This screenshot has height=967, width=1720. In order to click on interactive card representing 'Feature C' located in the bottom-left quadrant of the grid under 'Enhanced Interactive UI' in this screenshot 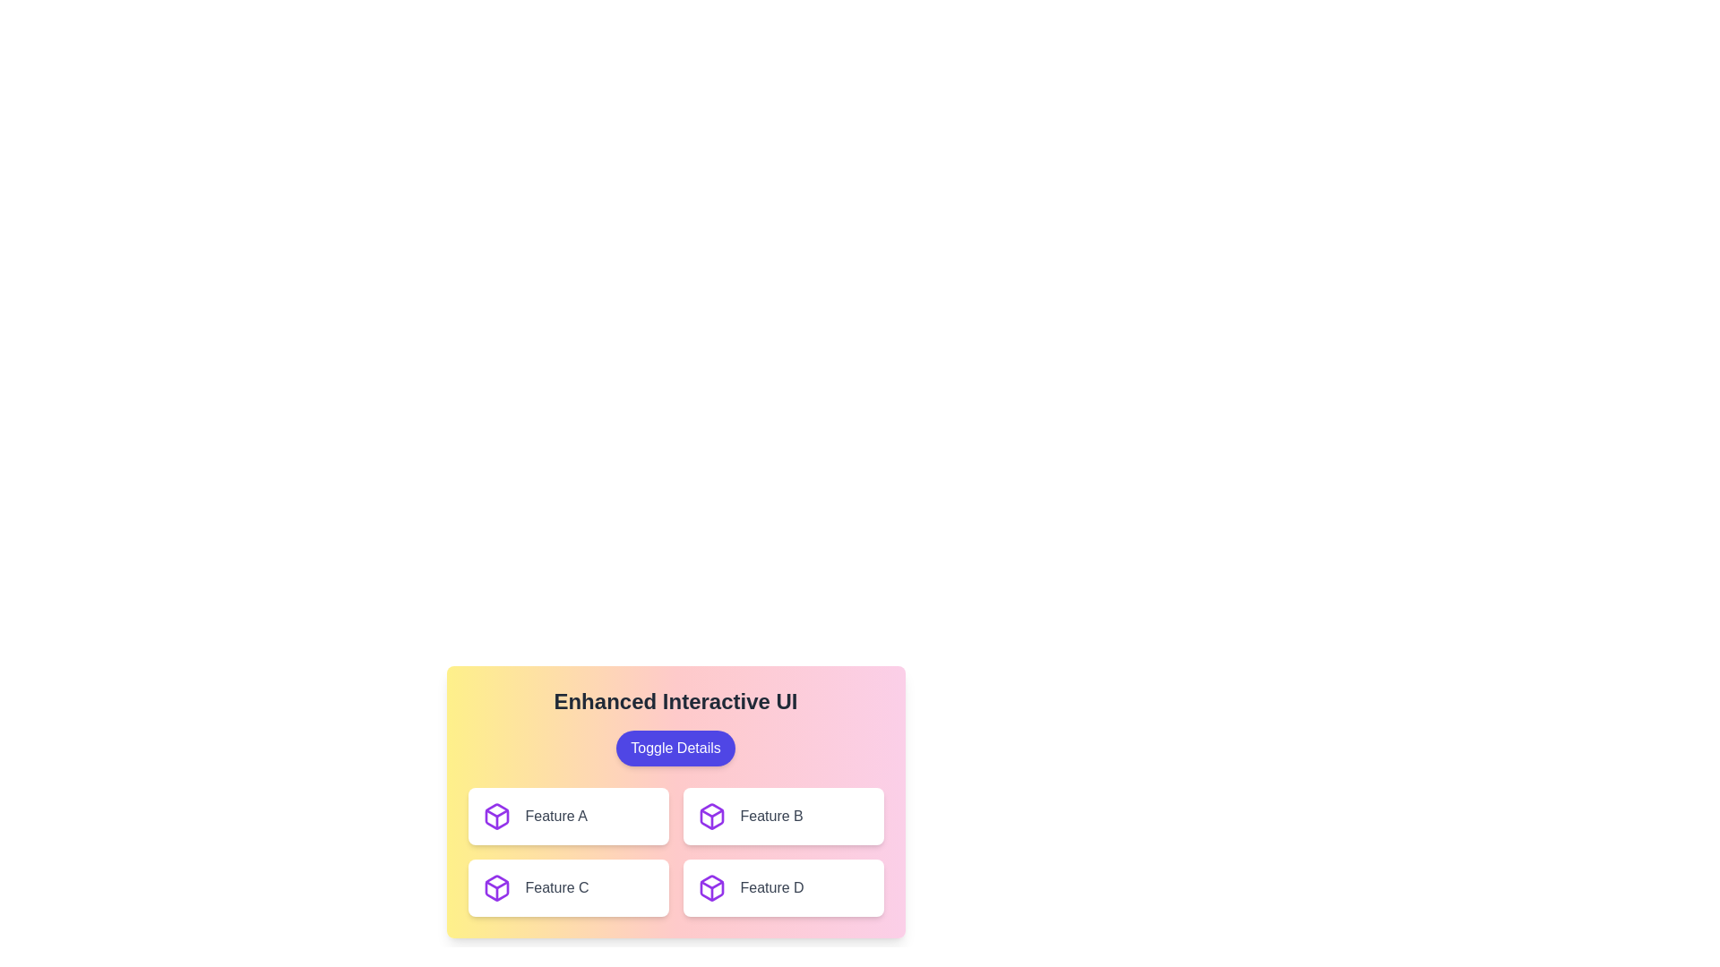, I will do `click(567, 887)`.